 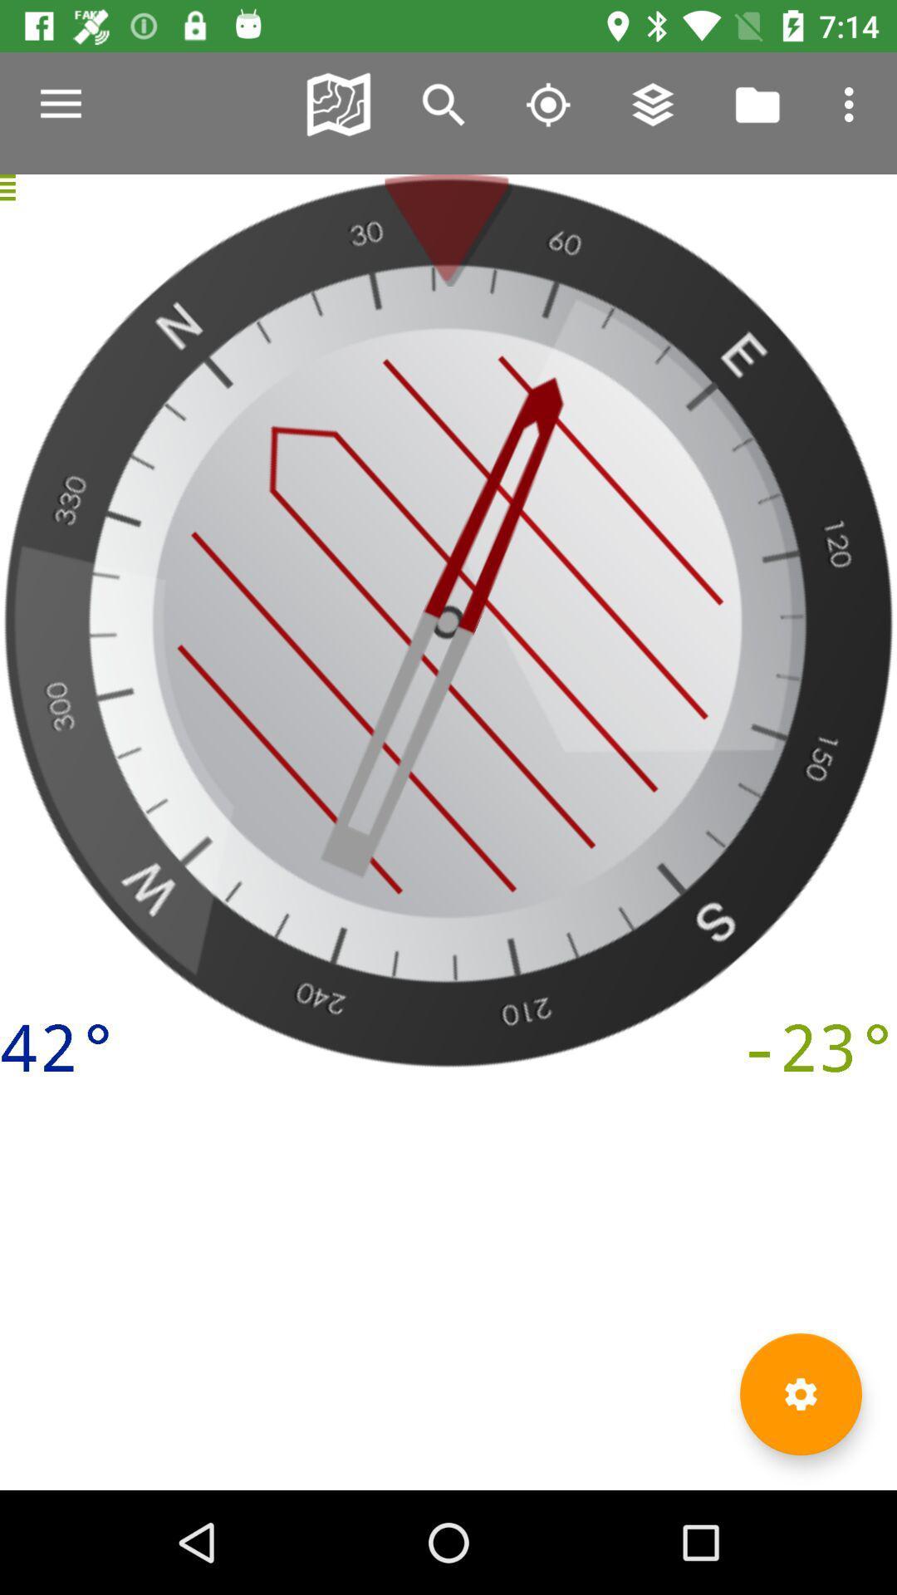 I want to click on settings icon, so click(x=800, y=1394).